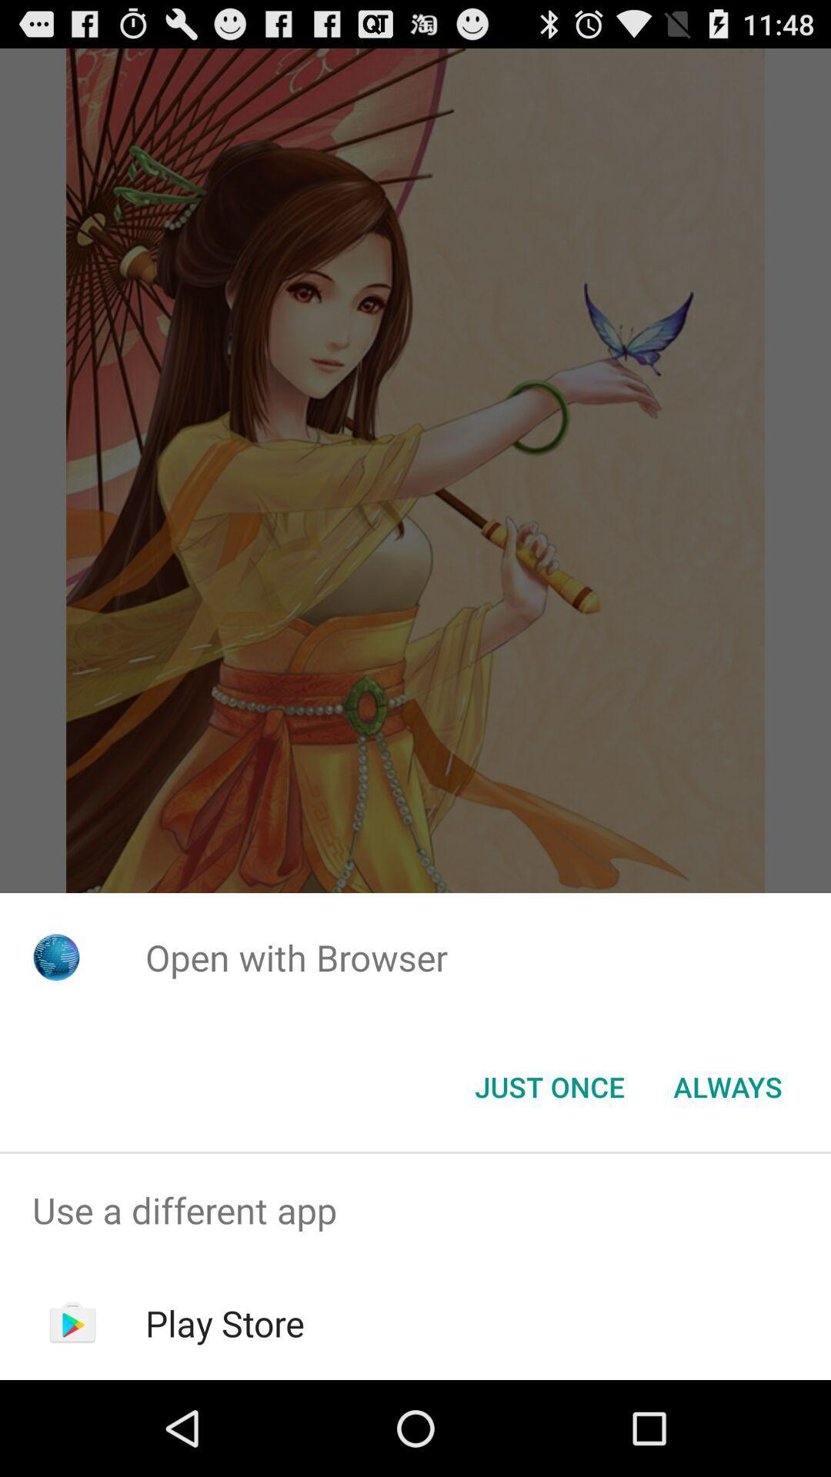 The height and width of the screenshot is (1477, 831). Describe the element at coordinates (415, 1209) in the screenshot. I see `use a different` at that location.